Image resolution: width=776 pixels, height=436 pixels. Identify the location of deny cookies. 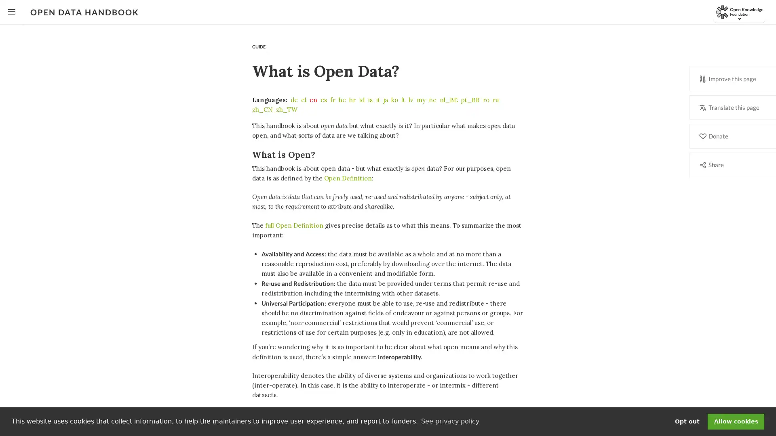
(686, 421).